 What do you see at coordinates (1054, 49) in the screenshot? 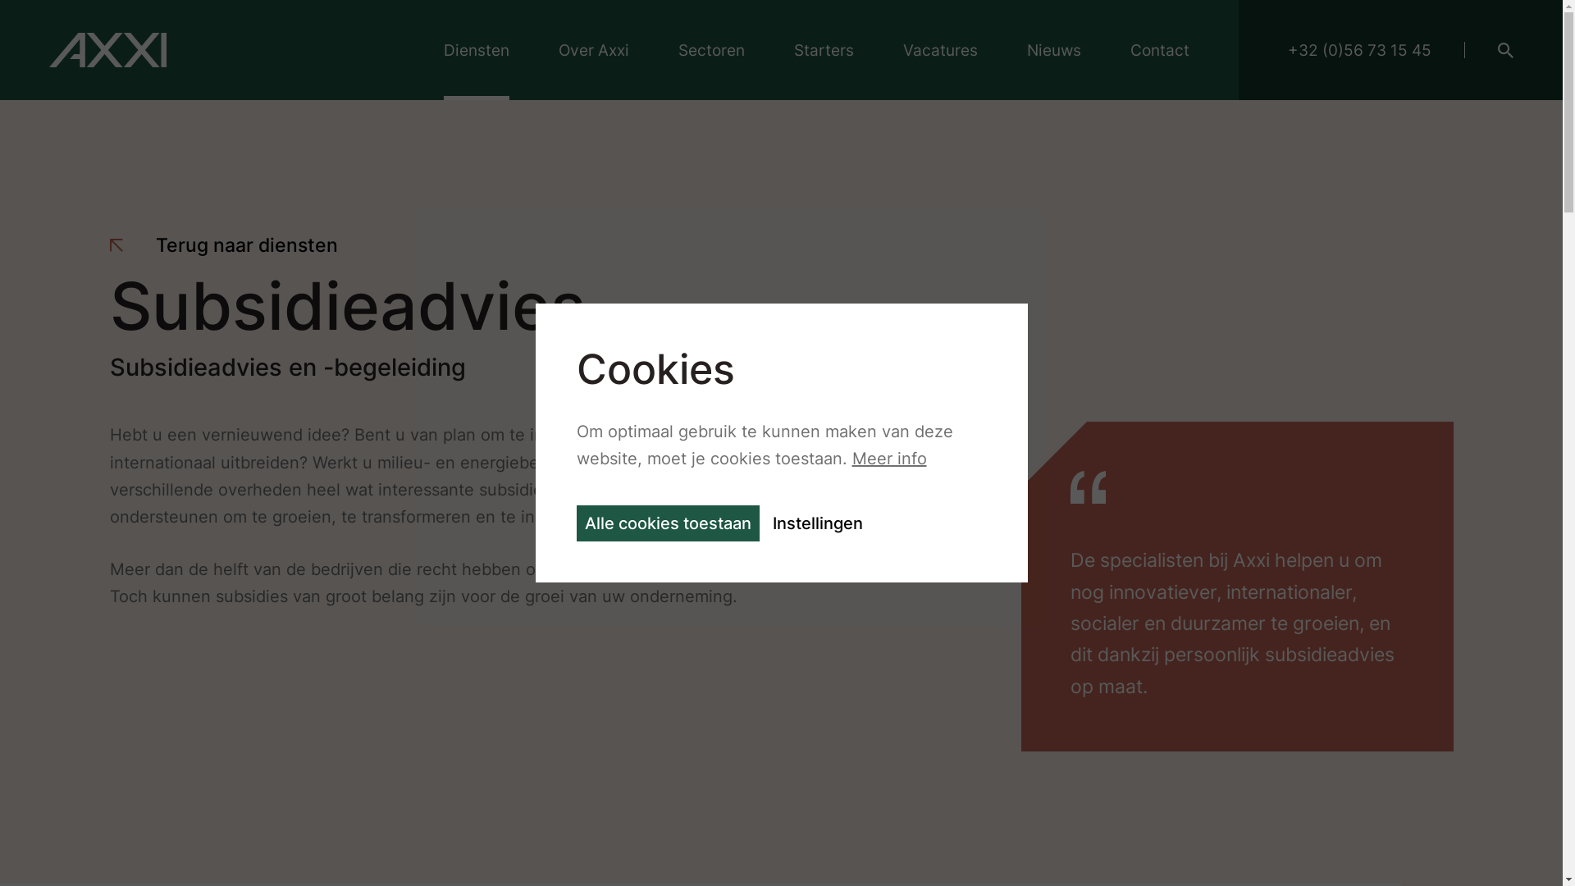
I see `'Nieuws'` at bounding box center [1054, 49].